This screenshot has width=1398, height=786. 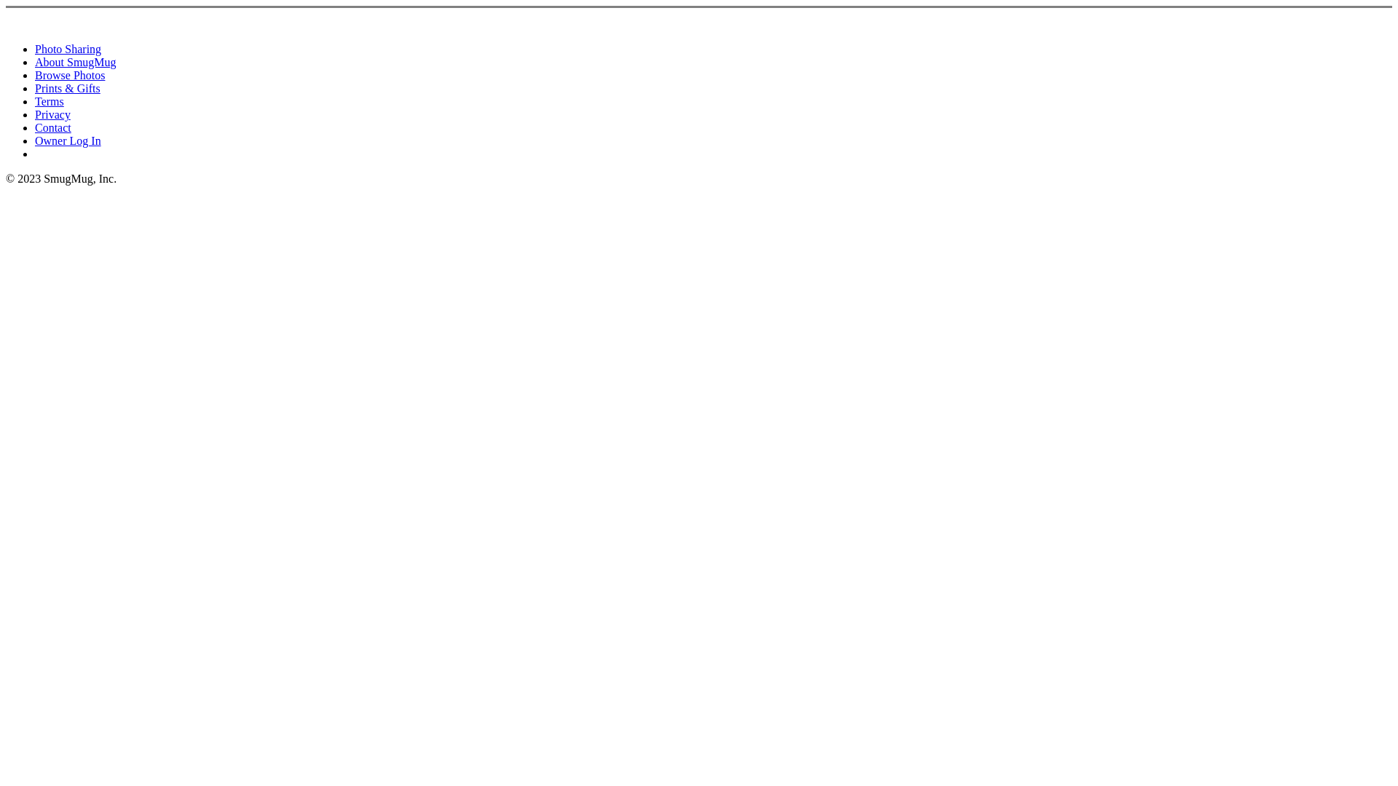 I want to click on 'Privacy', so click(x=52, y=114).